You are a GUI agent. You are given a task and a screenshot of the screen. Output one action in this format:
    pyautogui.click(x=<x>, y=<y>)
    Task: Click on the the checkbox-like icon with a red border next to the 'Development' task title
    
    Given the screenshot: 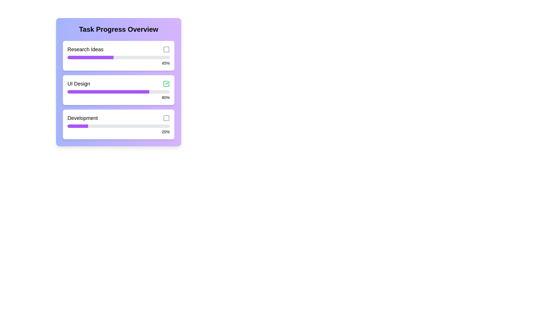 What is the action you would take?
    pyautogui.click(x=166, y=118)
    